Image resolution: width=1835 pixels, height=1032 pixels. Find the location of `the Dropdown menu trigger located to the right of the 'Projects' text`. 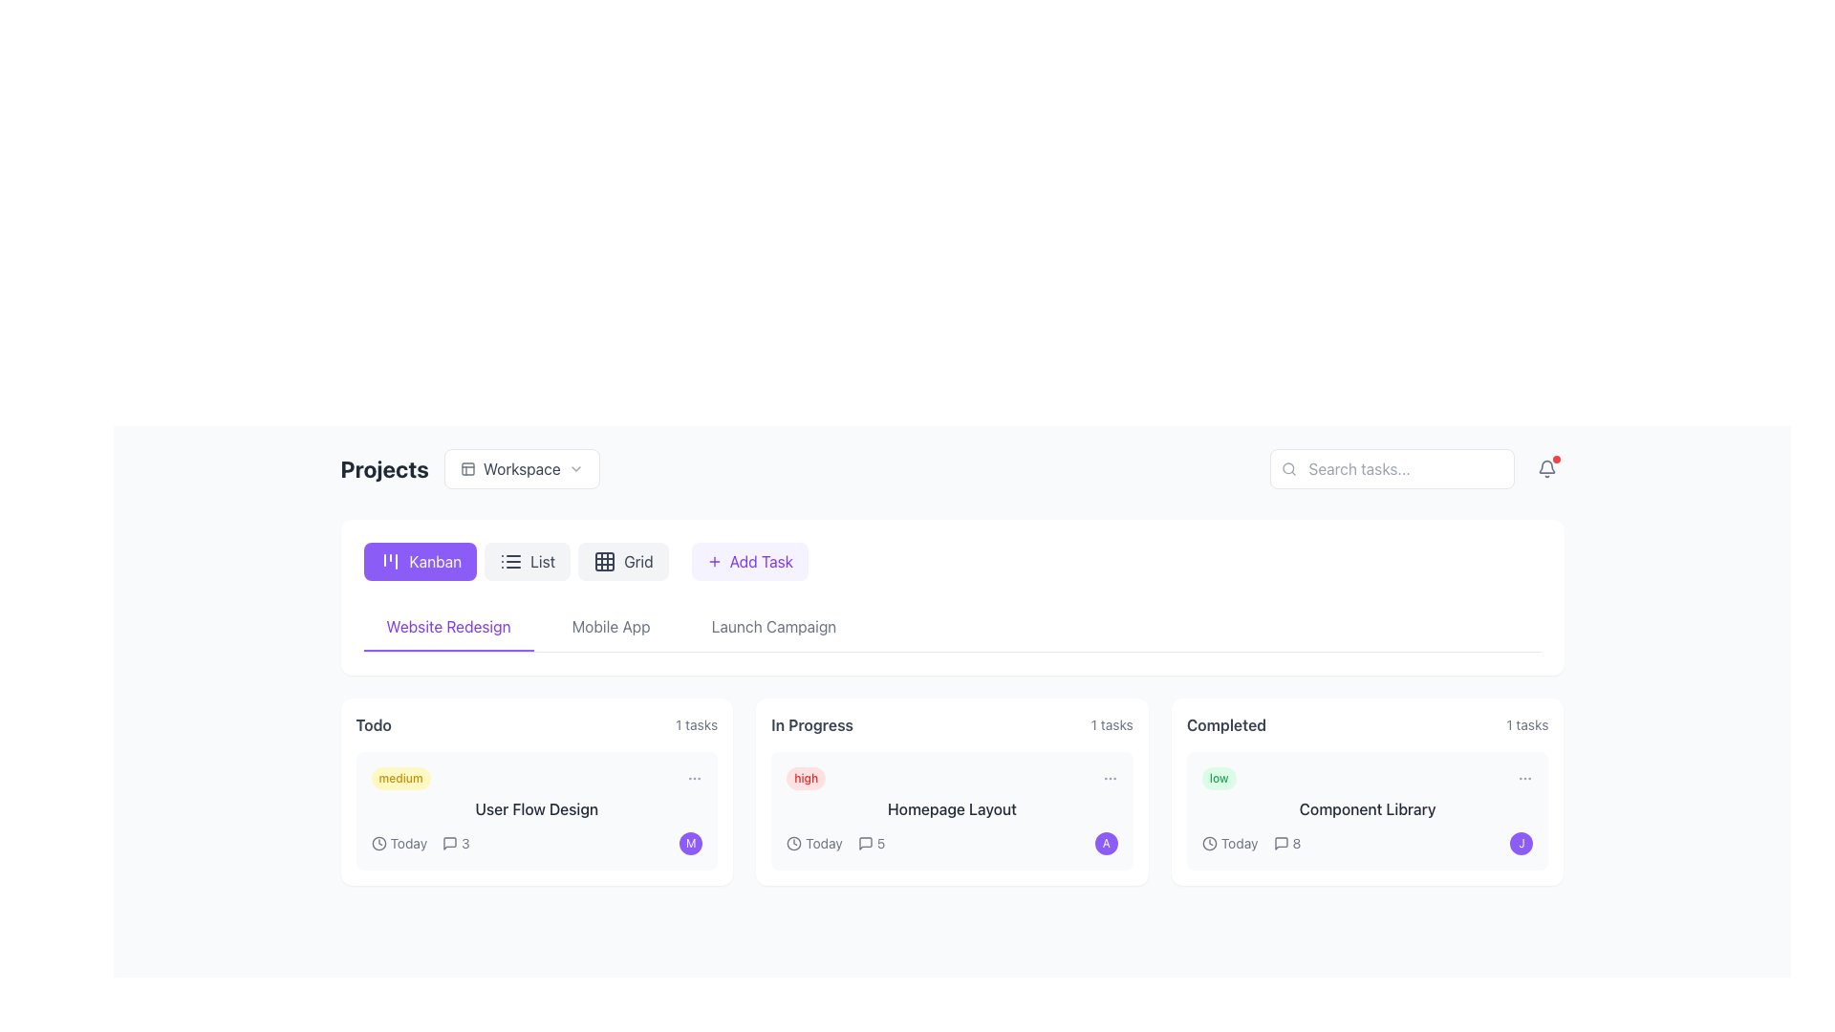

the Dropdown menu trigger located to the right of the 'Projects' text is located at coordinates (470, 468).